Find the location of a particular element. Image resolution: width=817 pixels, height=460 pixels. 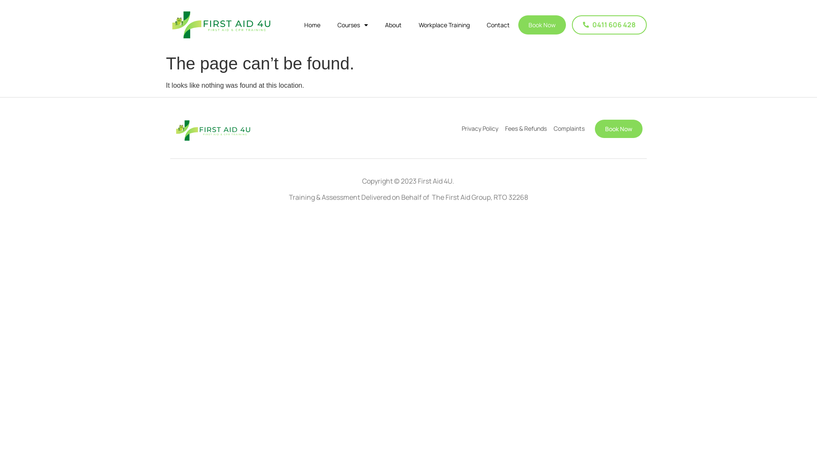

'Book Now' is located at coordinates (619, 129).